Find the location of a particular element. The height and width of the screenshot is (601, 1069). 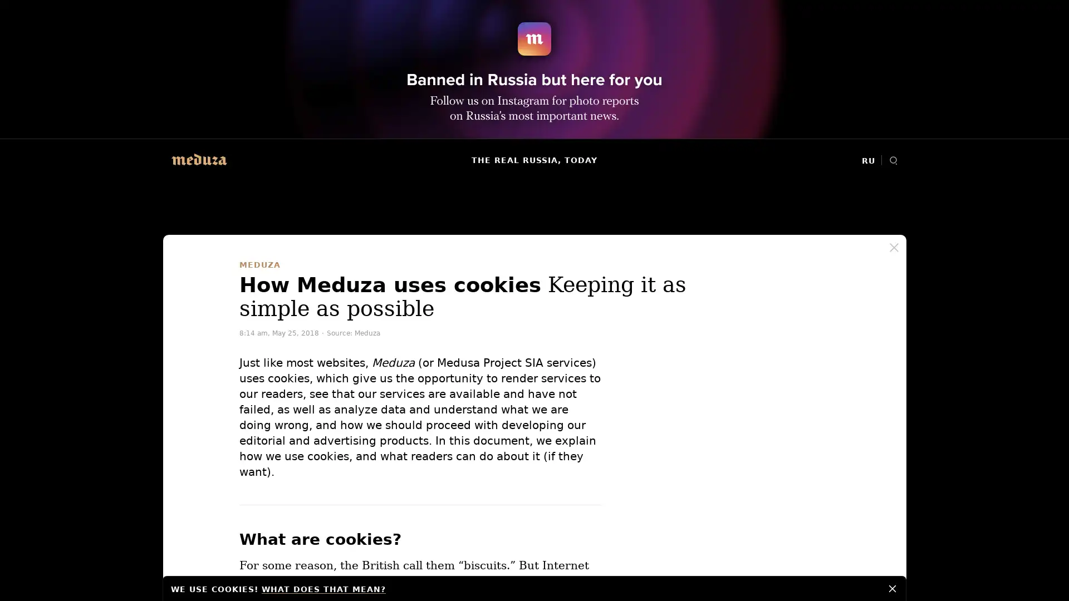

Close notification is located at coordinates (893, 587).